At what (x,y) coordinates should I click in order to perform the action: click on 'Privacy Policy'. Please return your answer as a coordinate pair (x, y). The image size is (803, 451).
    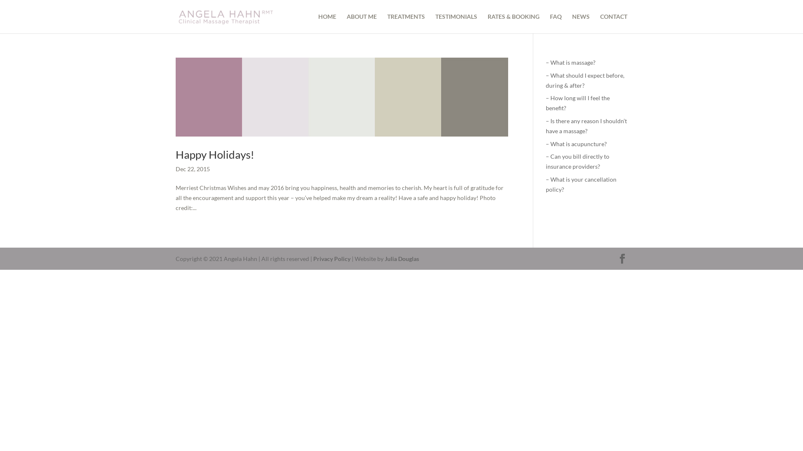
    Looking at the image, I should click on (331, 258).